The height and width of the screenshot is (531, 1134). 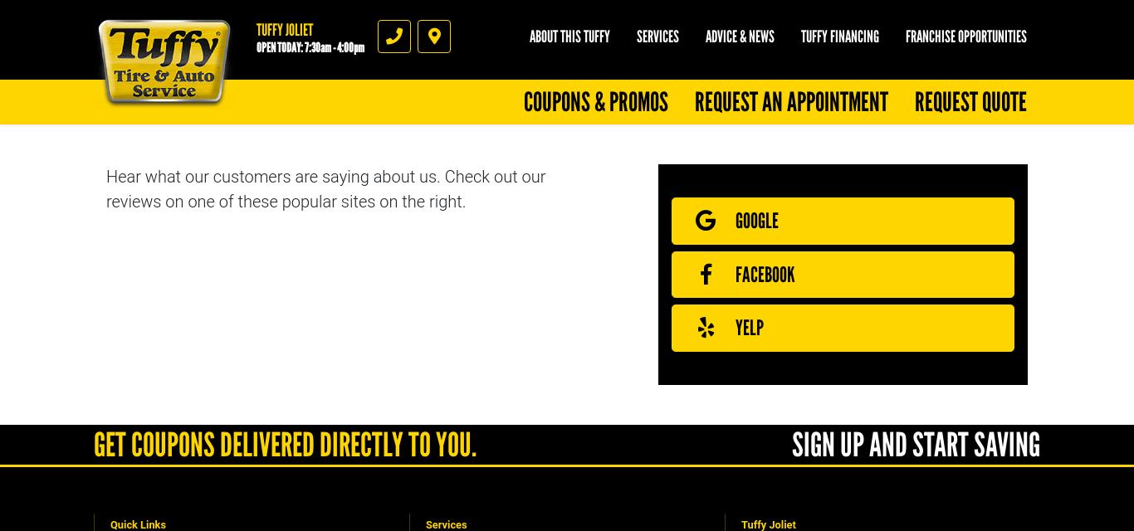 I want to click on 'Yelp', so click(x=747, y=328).